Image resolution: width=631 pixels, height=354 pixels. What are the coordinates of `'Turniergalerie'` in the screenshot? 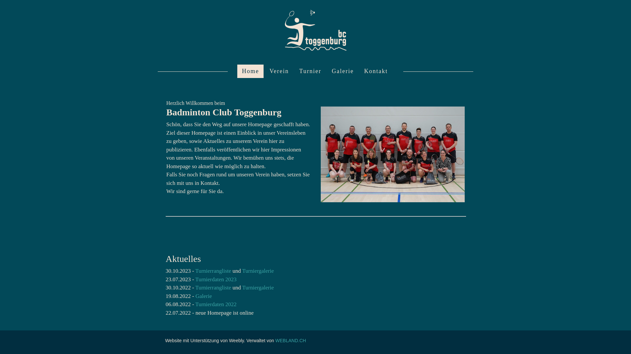 It's located at (258, 271).